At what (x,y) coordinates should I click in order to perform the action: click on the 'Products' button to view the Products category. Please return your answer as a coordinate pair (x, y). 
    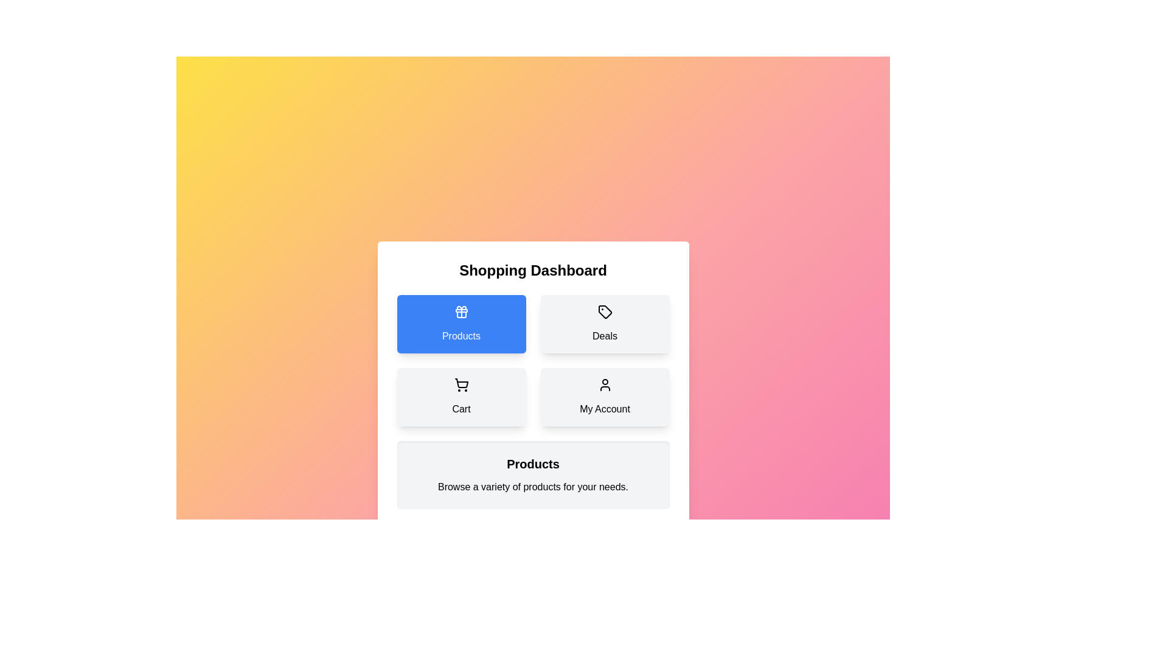
    Looking at the image, I should click on (461, 323).